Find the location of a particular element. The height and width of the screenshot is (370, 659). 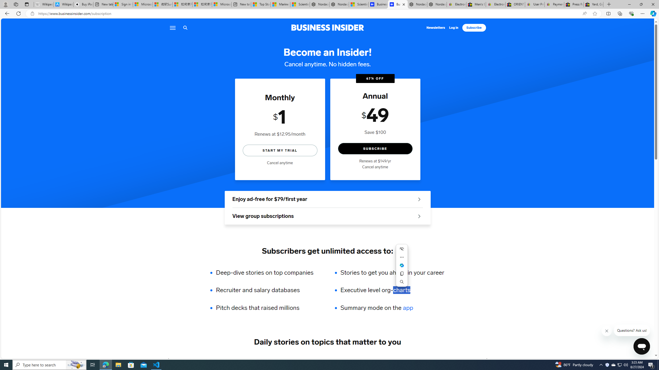

'Newsletters' is located at coordinates (436, 27).